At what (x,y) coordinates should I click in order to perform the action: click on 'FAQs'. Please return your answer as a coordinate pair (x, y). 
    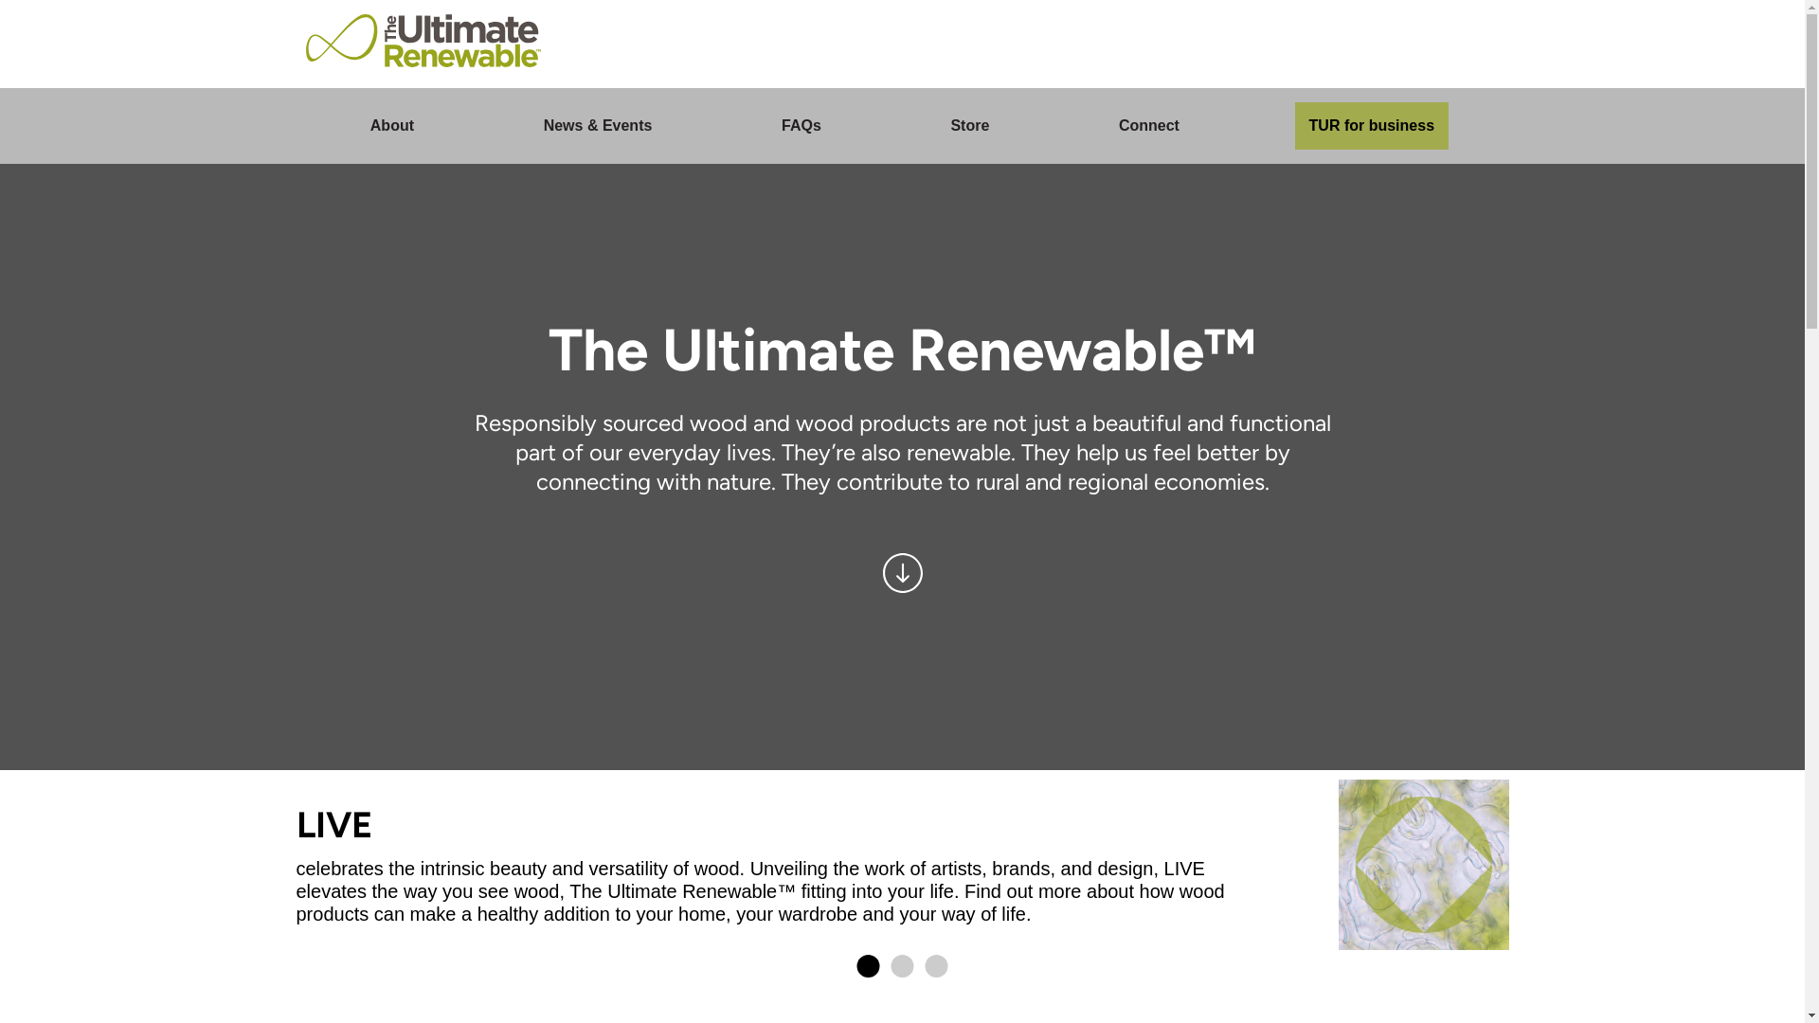
    Looking at the image, I should click on (801, 125).